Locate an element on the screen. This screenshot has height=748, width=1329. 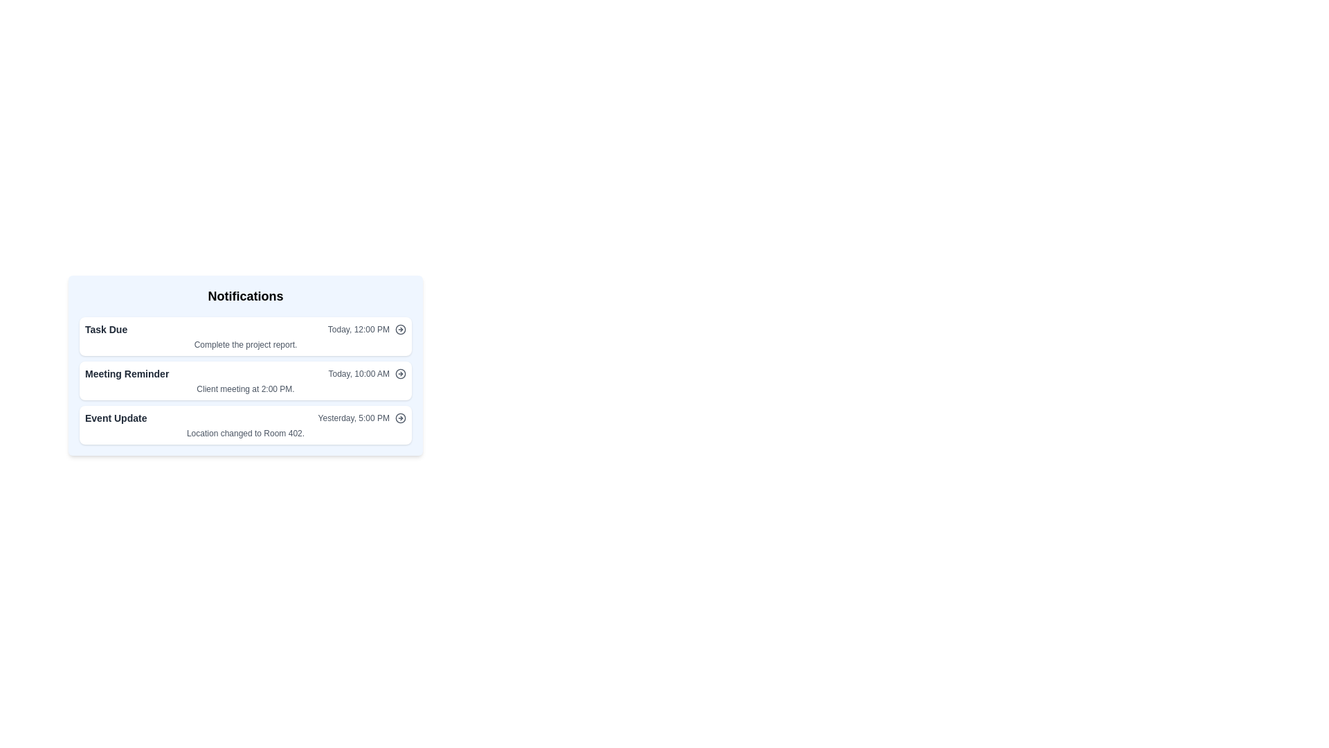
the text label displaying 'Location changed to Room 402.' located in the bottom notification card under the 'Notifications' section, which provides a summary note for the notification titled 'Event Update' is located at coordinates (246, 432).